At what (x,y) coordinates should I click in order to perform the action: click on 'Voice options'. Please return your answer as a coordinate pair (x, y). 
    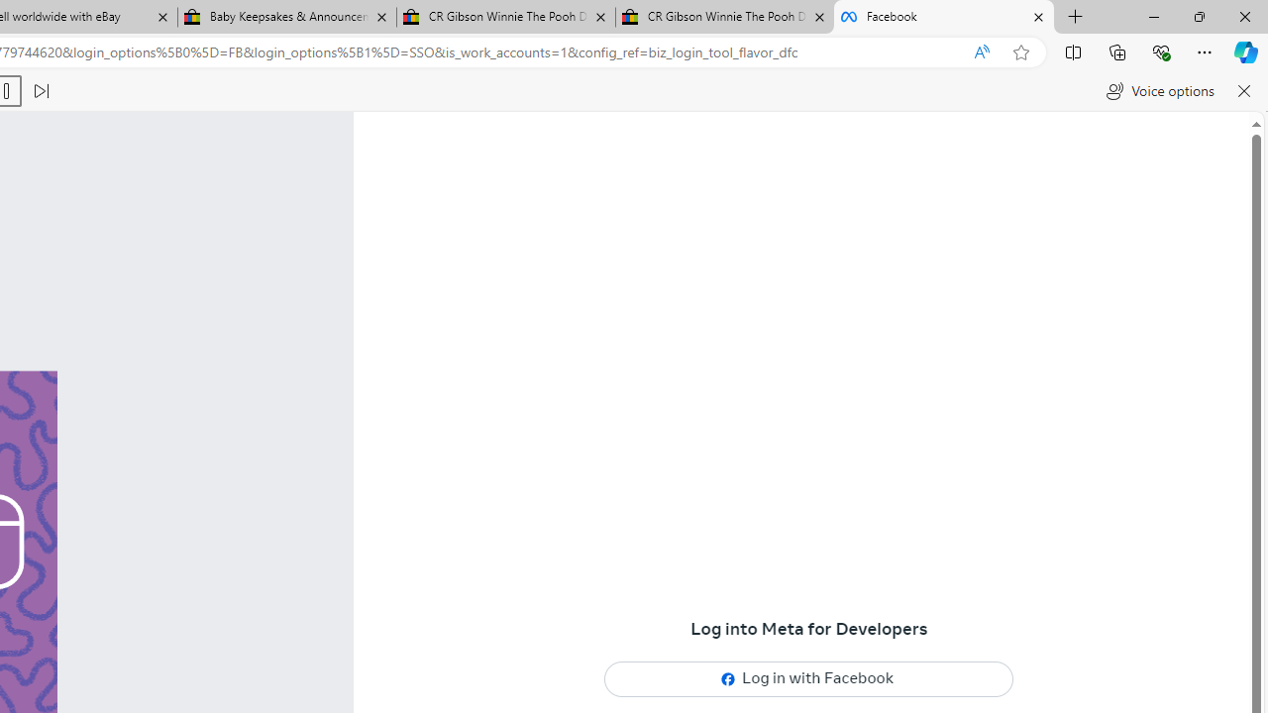
    Looking at the image, I should click on (1160, 91).